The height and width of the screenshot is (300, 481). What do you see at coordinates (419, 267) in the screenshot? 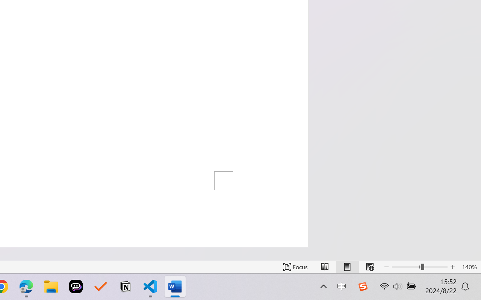
I see `'Zoom'` at bounding box center [419, 267].